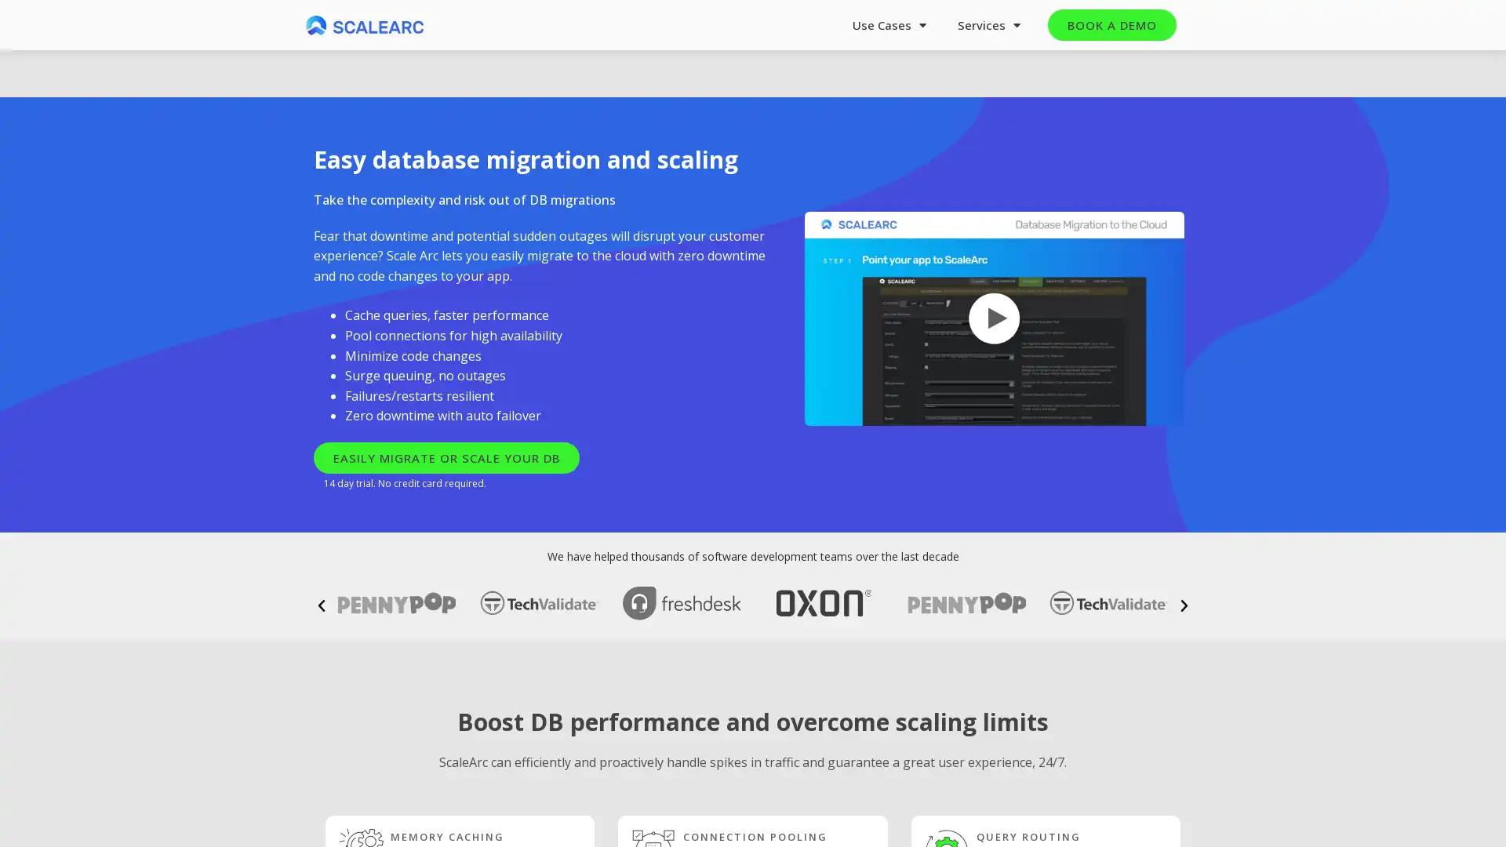  I want to click on Previous slide, so click(320, 605).